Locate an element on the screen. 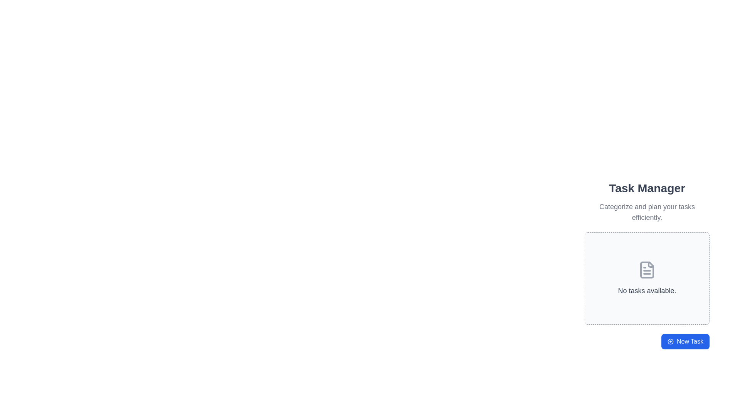 This screenshot has height=416, width=740. the Label with Icon that displays 'No tasks available.' and has a file icon above it, which is located below the 'Task Manager' heading and above the 'New Task' button is located at coordinates (647, 278).